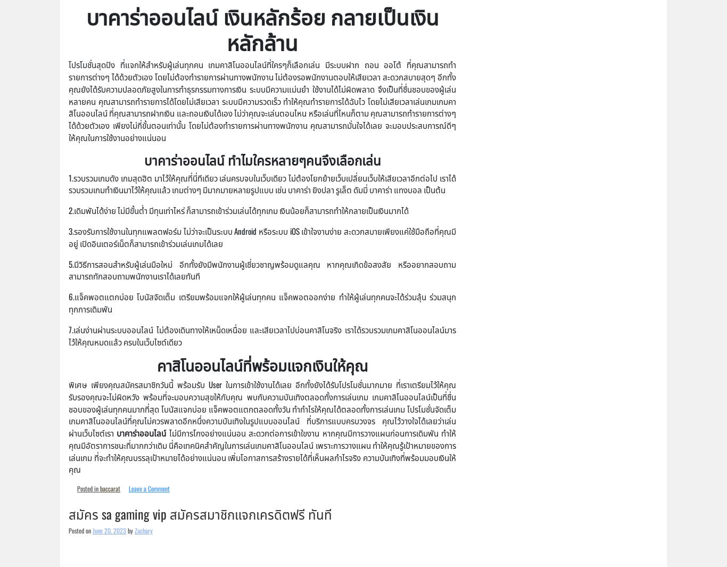 The height and width of the screenshot is (567, 727). Describe the element at coordinates (68, 302) in the screenshot. I see `'6.แจ็คพอตแตกบ่อย โบนัสจัดเต็ม เตรียมพร้อมแจกให้ผู้เล่นทุกคน แจ็คพอตออกง่าย ทำให้ผู้เล่นทุกคนจะได้ร่วมลุ้น ร่วมสนุกทุกการเดิมพัน'` at that location.